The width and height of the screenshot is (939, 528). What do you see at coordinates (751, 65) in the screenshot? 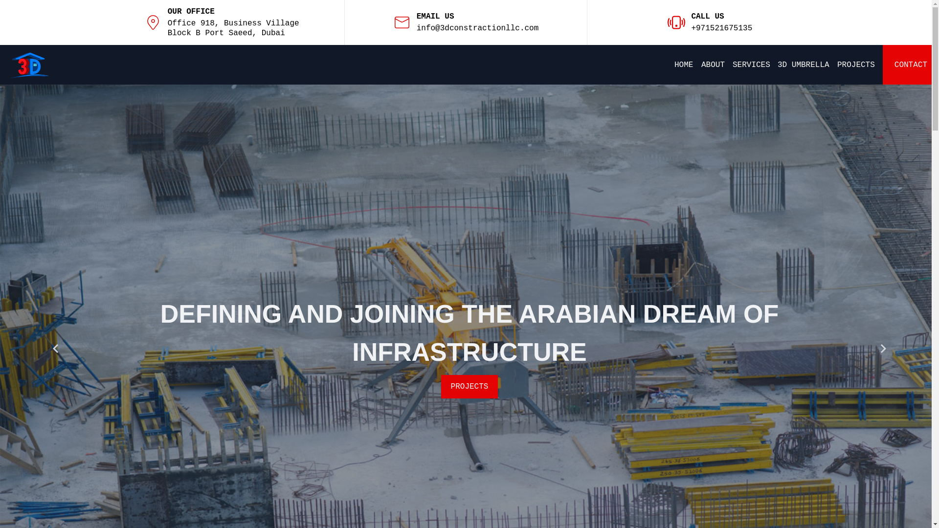
I see `'SERVICES'` at bounding box center [751, 65].